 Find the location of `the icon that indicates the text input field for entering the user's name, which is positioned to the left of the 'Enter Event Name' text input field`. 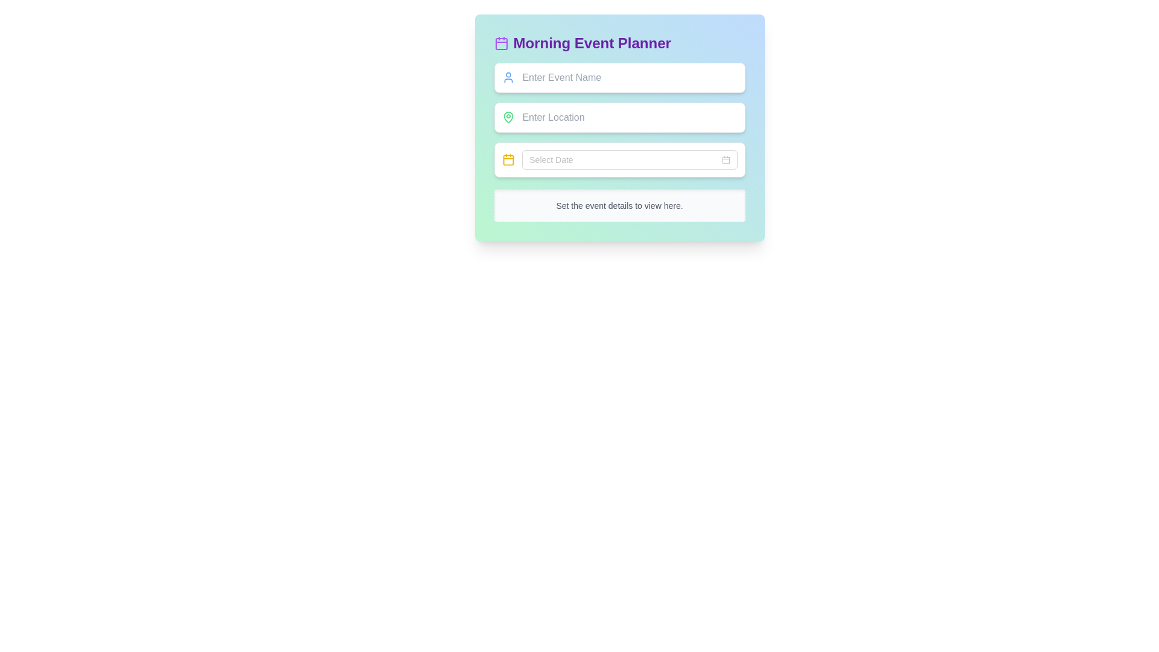

the icon that indicates the text input field for entering the user's name, which is positioned to the left of the 'Enter Event Name' text input field is located at coordinates (508, 77).